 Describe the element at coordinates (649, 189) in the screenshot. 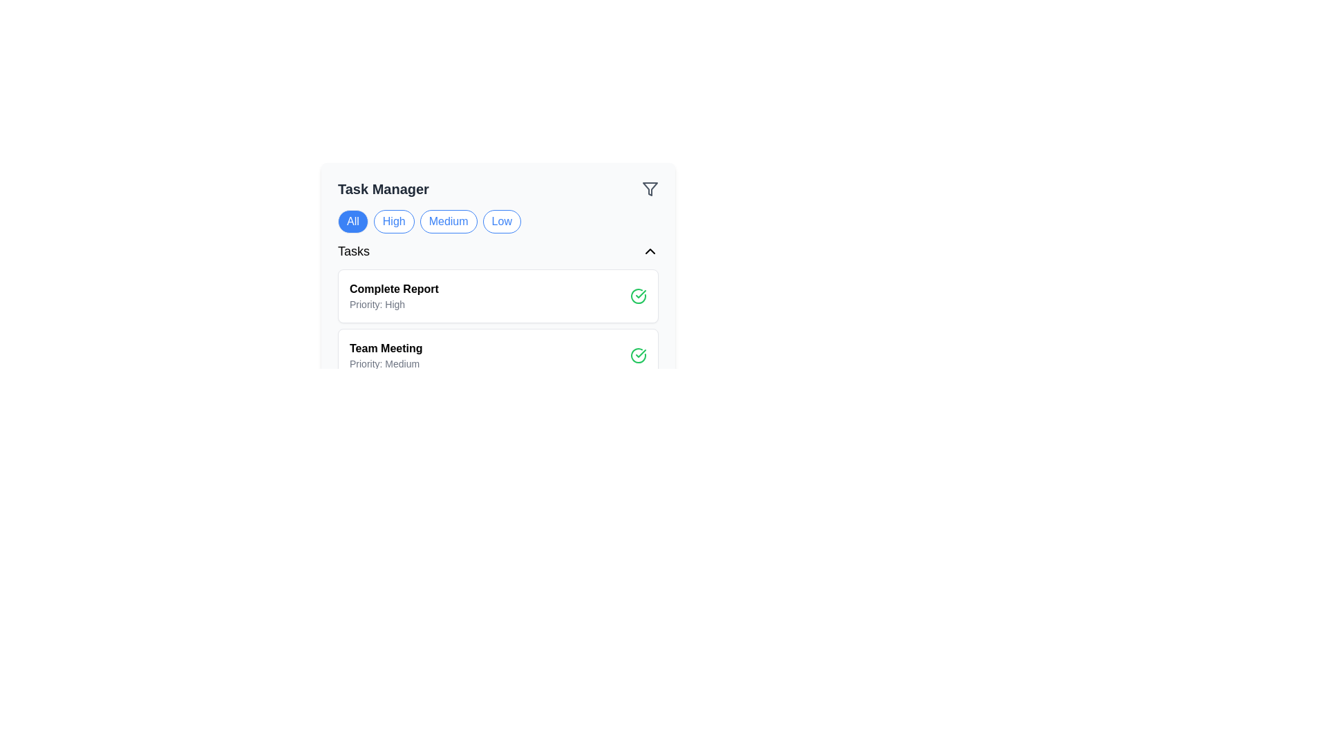

I see `the triangular graphic element representing filtering functionality in the top-right corner of the task manager interface` at that location.